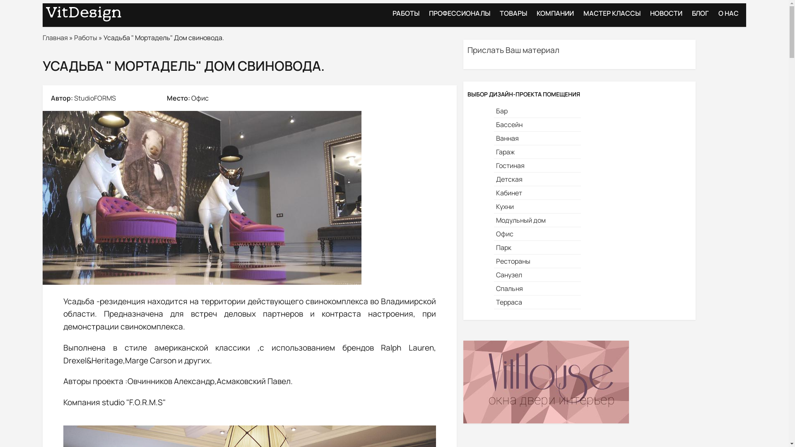 The width and height of the screenshot is (795, 447). What do you see at coordinates (74, 97) in the screenshot?
I see `'StudioFORMS'` at bounding box center [74, 97].